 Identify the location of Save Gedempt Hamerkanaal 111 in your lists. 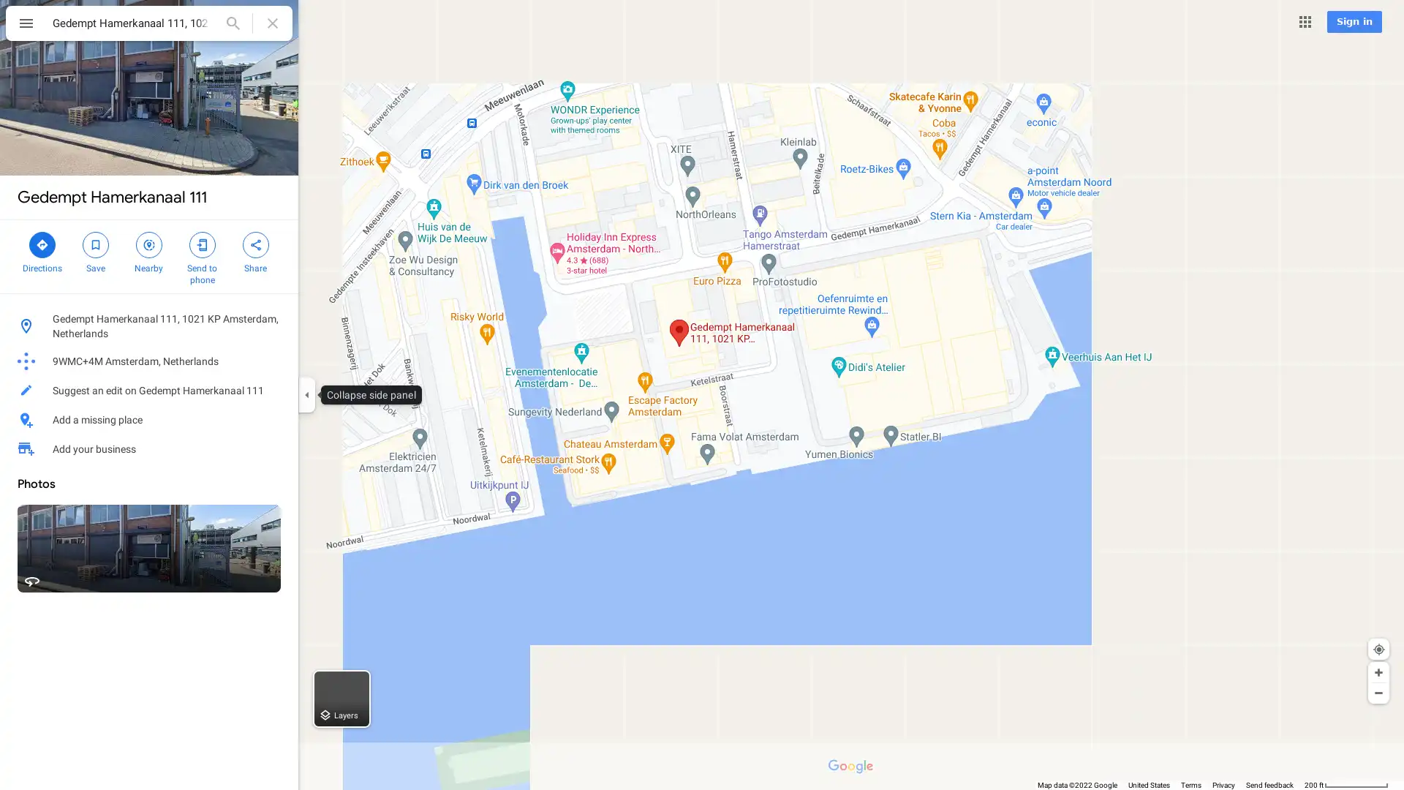
(94, 250).